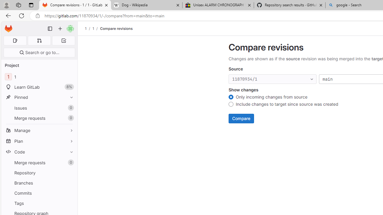  What do you see at coordinates (39, 162) in the screenshot?
I see `'Merge requests 0'` at bounding box center [39, 162].